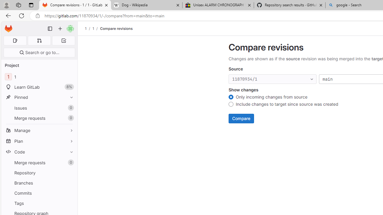  What do you see at coordinates (39, 162) in the screenshot?
I see `'Merge requests 0'` at bounding box center [39, 162].